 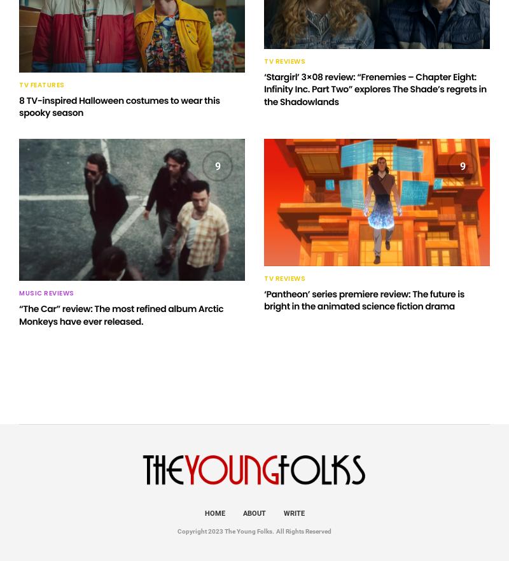 What do you see at coordinates (253, 530) in the screenshot?
I see `'Copyright 2023 The Young Folks. All Rights Reserved'` at bounding box center [253, 530].